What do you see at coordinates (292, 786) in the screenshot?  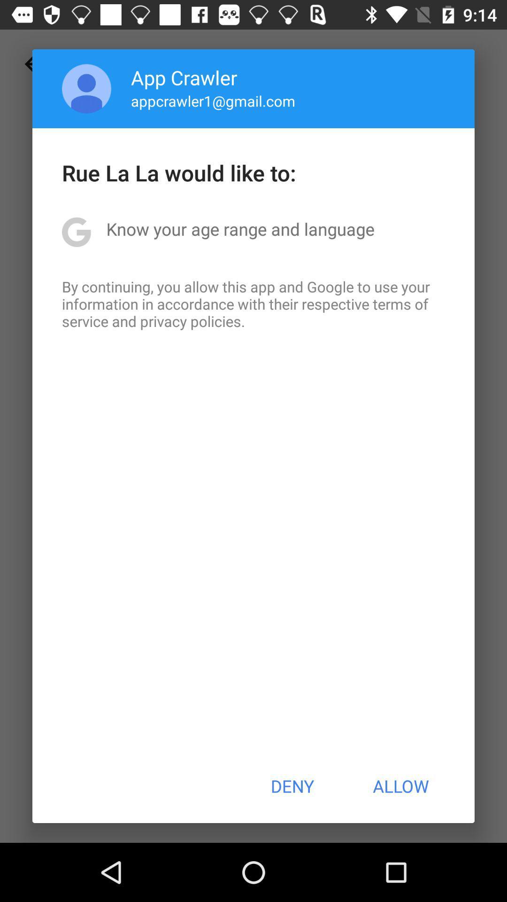 I see `icon below by continuing you app` at bounding box center [292, 786].